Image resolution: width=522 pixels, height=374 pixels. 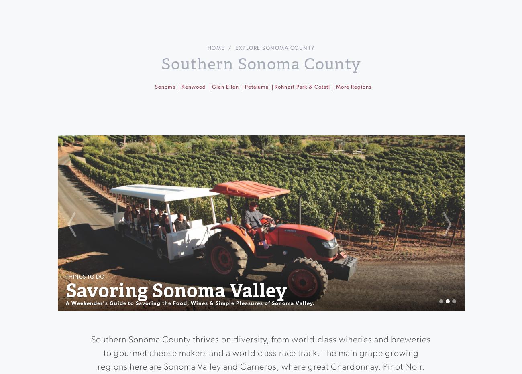 What do you see at coordinates (263, 104) in the screenshot?
I see `'Buy Covet Pass'` at bounding box center [263, 104].